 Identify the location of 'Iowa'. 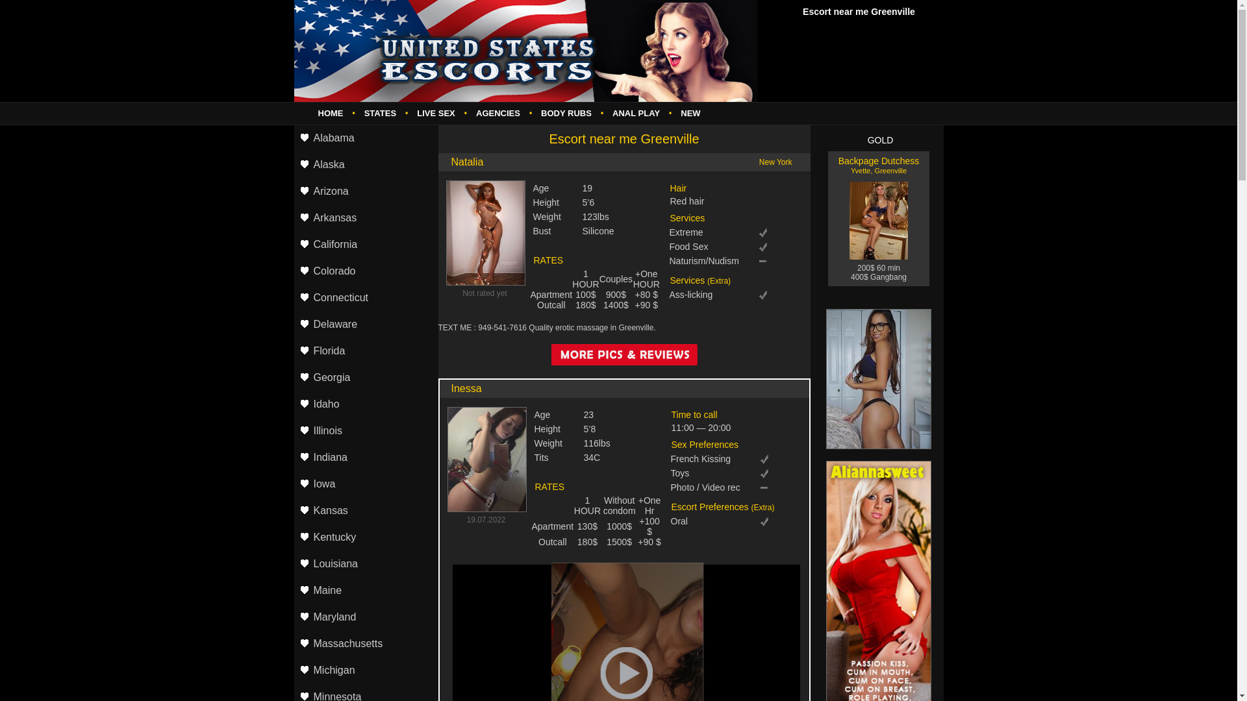
(292, 484).